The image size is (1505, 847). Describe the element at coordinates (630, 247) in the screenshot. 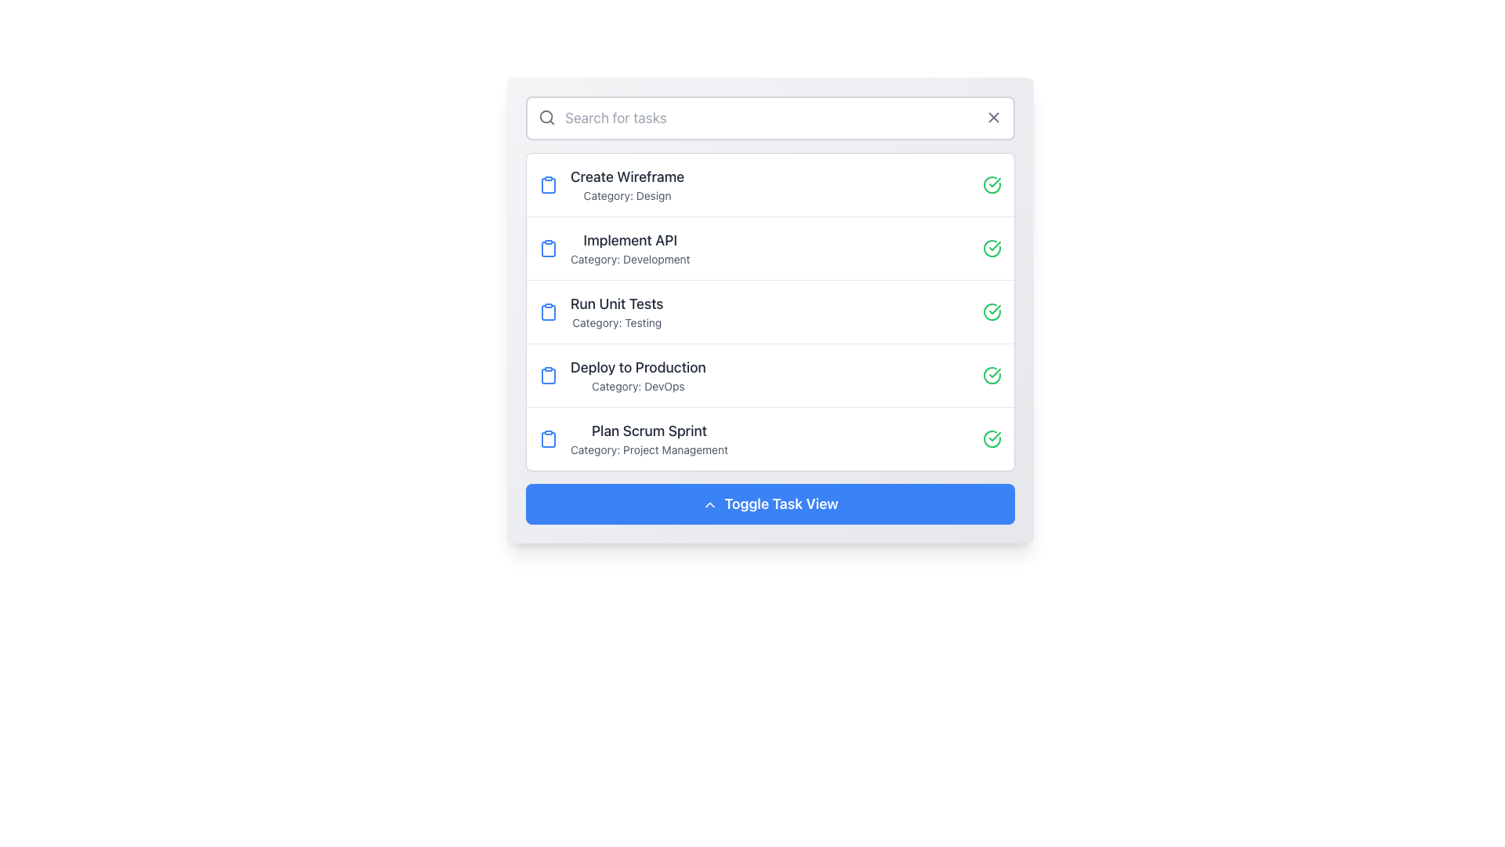

I see `the task card titled 'Implement API'` at that location.